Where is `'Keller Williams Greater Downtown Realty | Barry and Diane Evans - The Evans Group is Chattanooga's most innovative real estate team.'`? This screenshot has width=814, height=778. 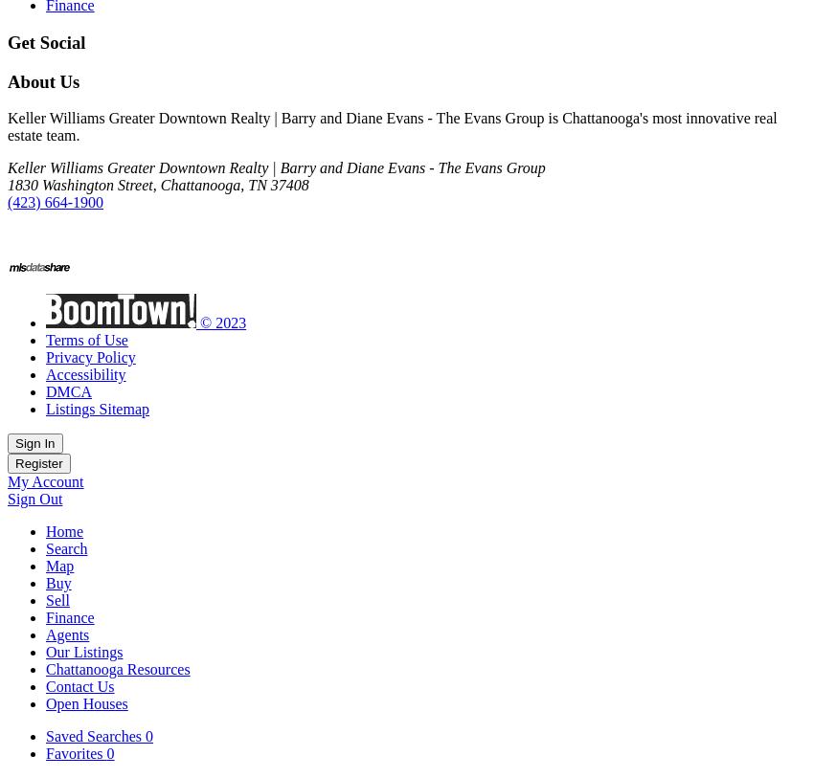
'Keller Williams Greater Downtown Realty | Barry and Diane Evans - The Evans Group is Chattanooga's most innovative real estate team.' is located at coordinates (392, 125).